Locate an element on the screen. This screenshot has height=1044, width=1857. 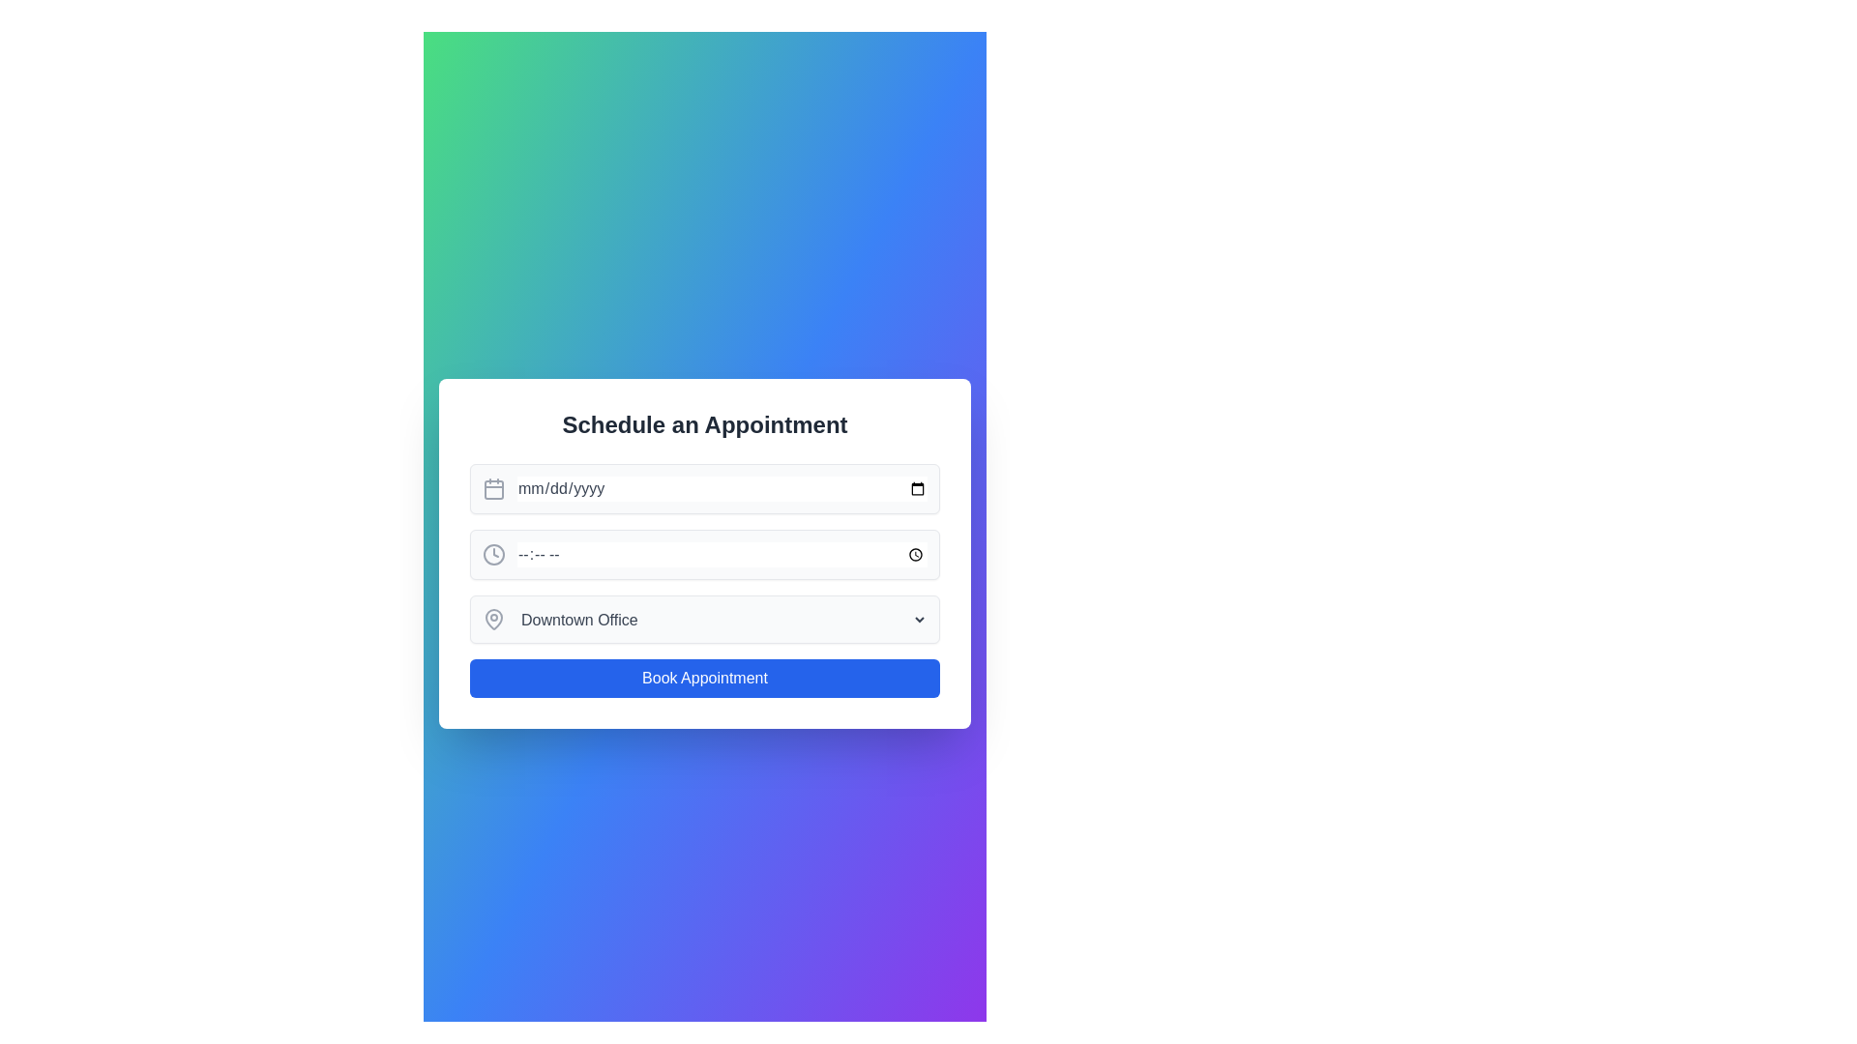
the clock icon with a circular outline and clock hands, located in the second row of input areas, to the left of the time input field is located at coordinates (493, 555).